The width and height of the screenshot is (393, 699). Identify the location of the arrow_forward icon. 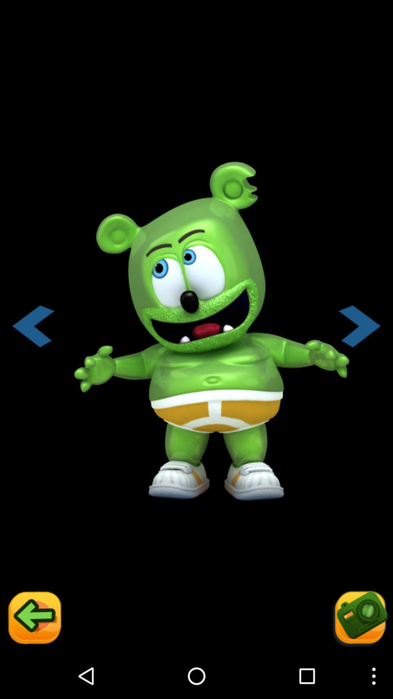
(360, 349).